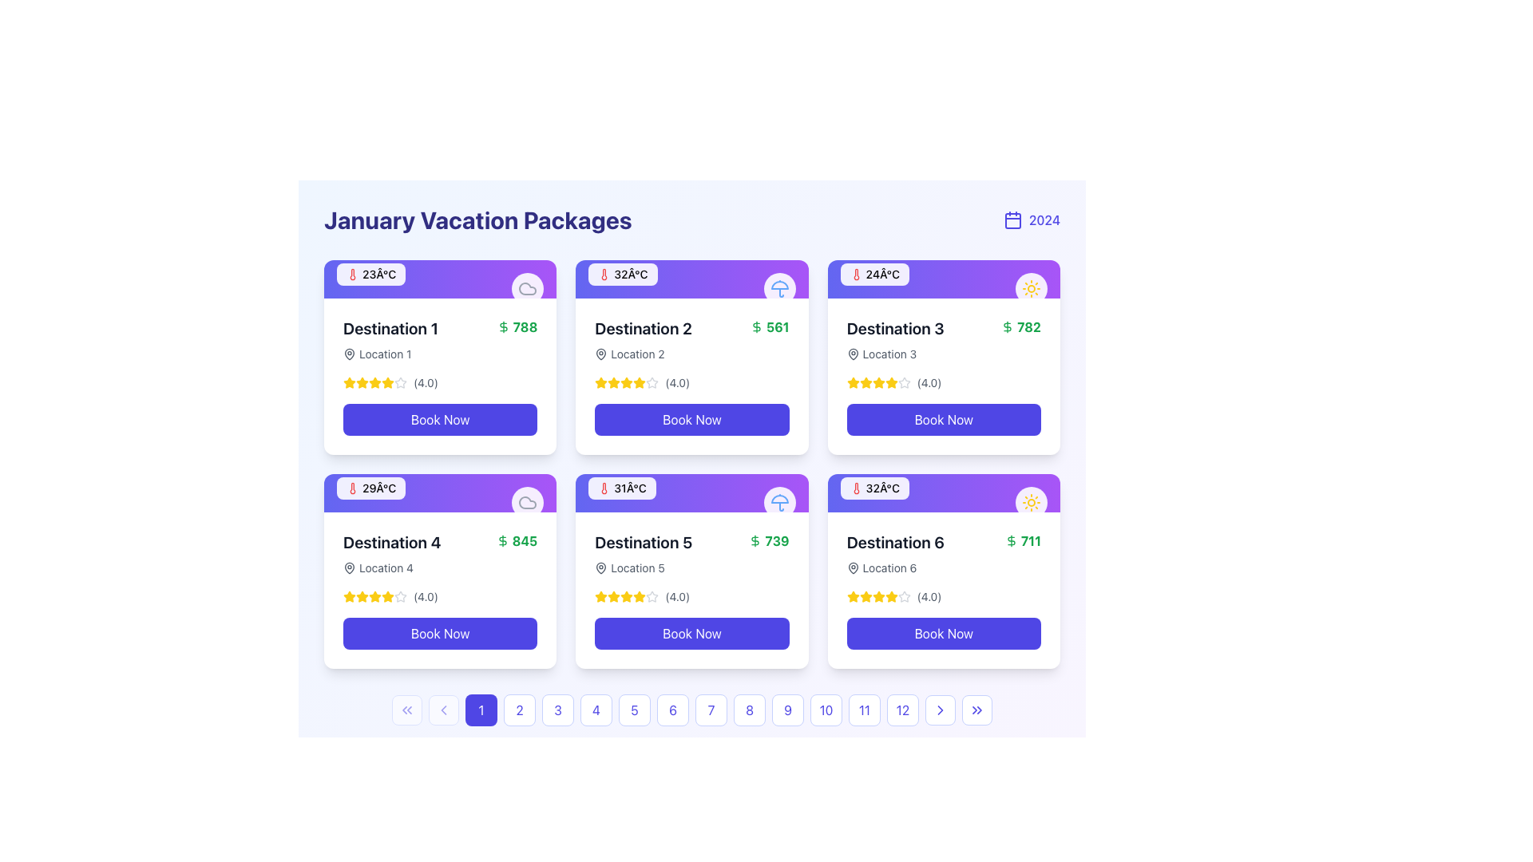 The image size is (1533, 862). I want to click on the pagination button that navigates to the previous page, located at the far left of the pagination controls, so click(406, 710).